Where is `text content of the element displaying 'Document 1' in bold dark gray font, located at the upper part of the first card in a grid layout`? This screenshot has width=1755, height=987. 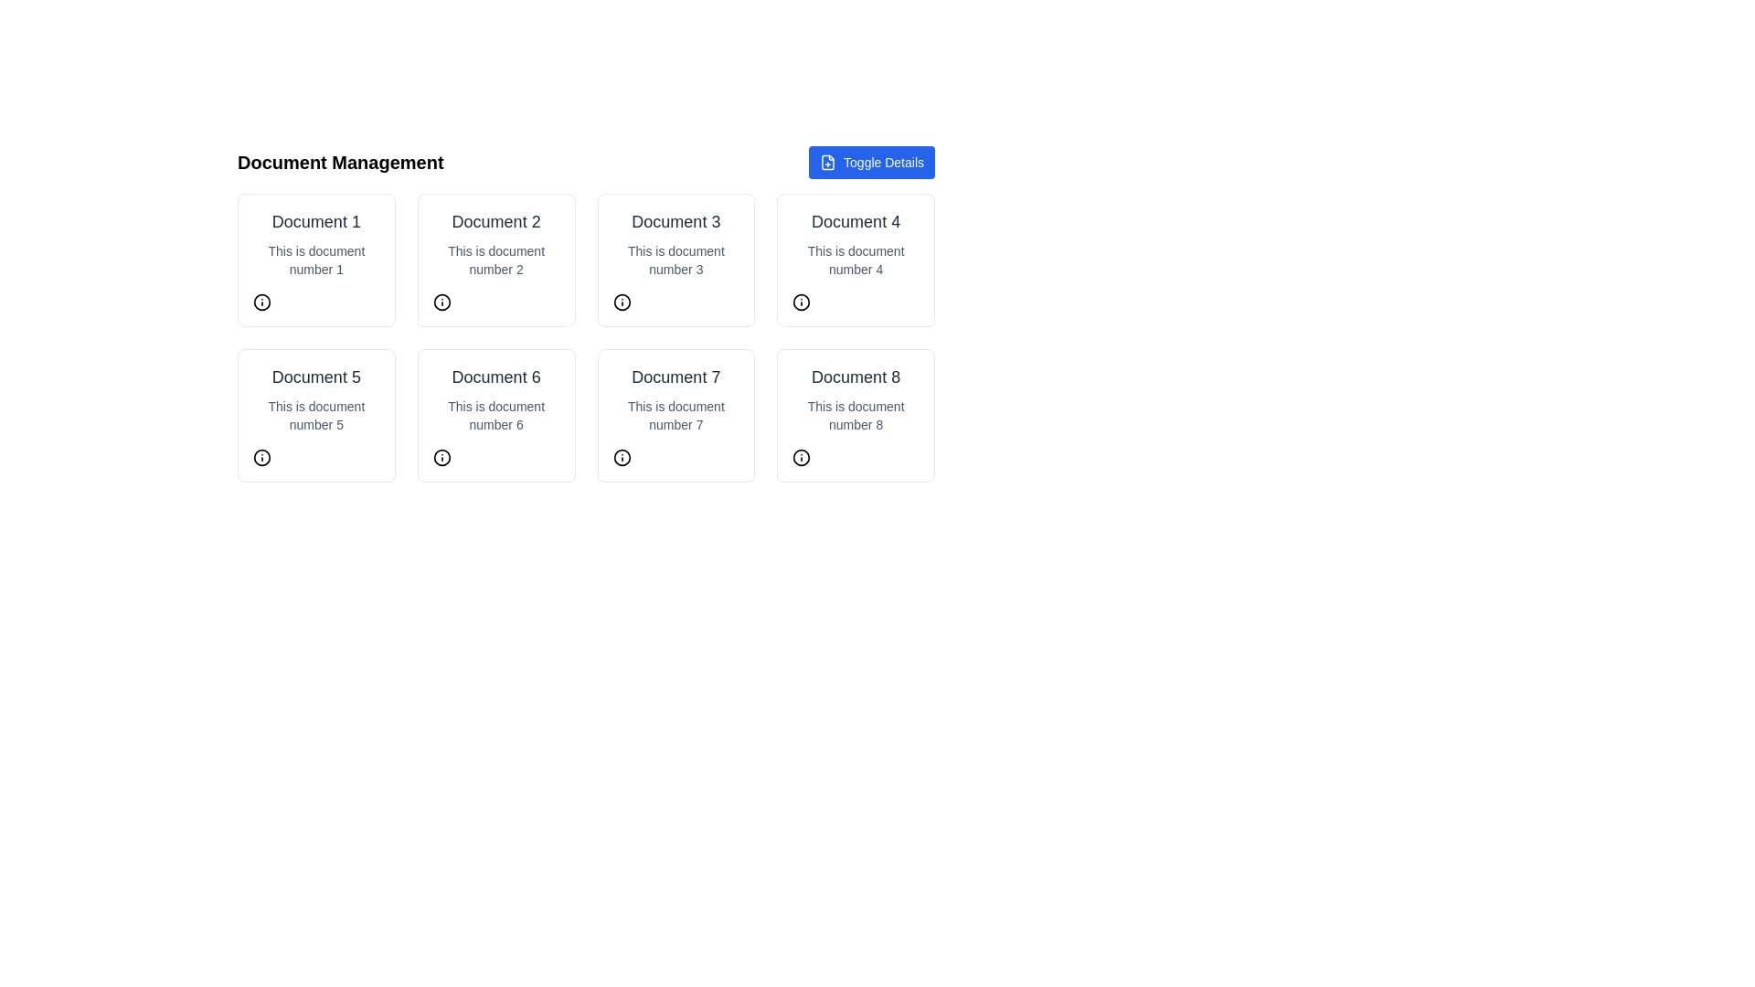 text content of the element displaying 'Document 1' in bold dark gray font, located at the upper part of the first card in a grid layout is located at coordinates (316, 221).